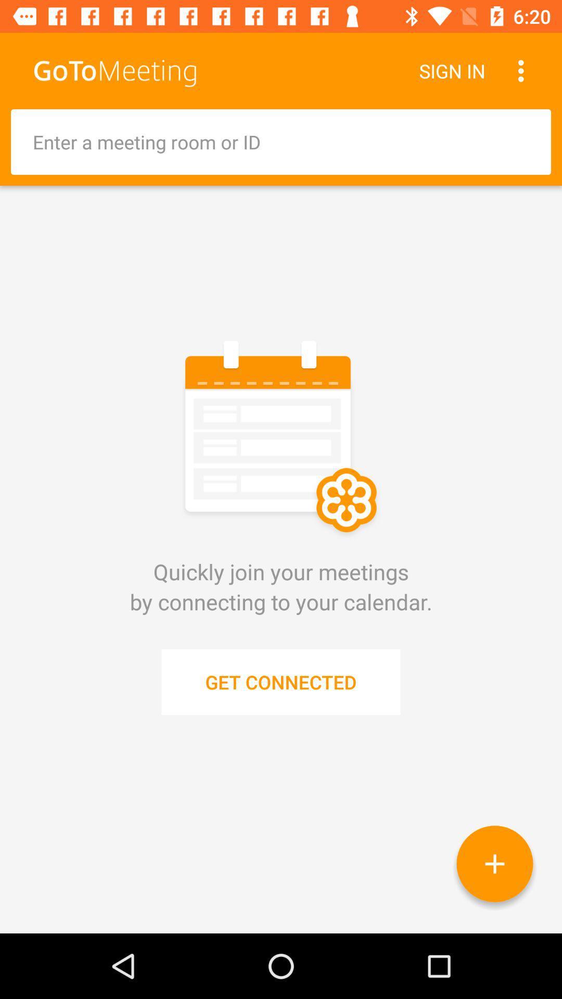 This screenshot has height=999, width=562. I want to click on item to the right of sign in icon, so click(523, 70).